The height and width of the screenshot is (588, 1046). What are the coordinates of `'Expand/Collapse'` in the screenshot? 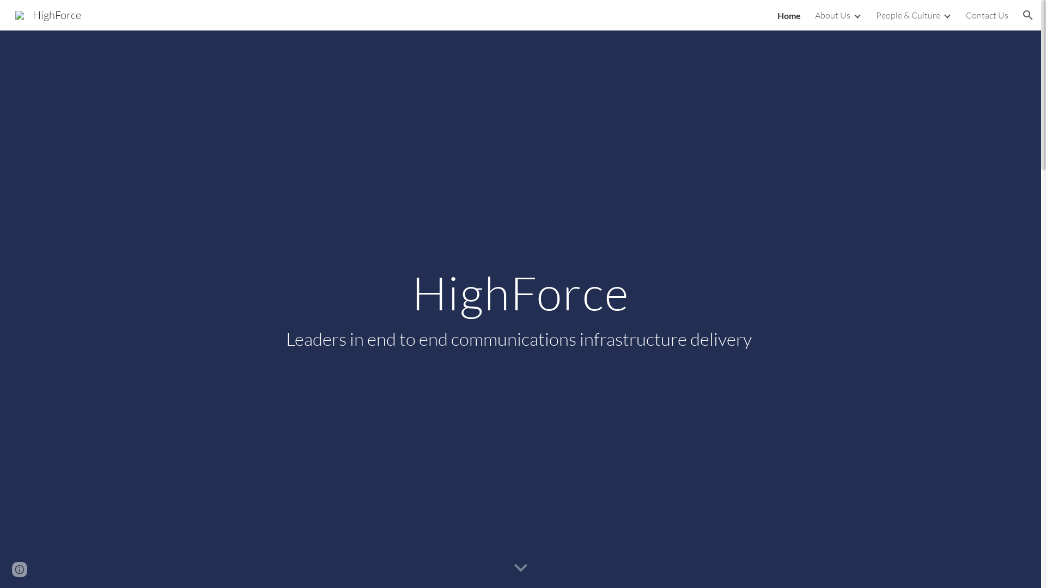 It's located at (856, 15).